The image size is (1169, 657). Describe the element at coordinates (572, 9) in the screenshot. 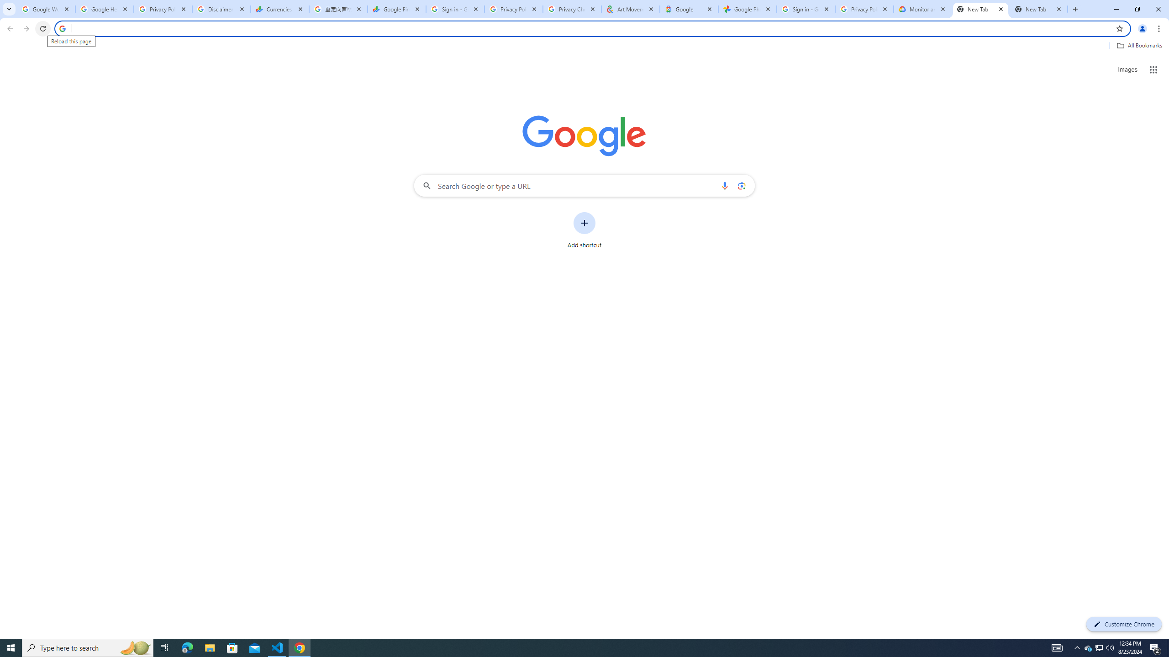

I see `'Privacy Checkup'` at that location.